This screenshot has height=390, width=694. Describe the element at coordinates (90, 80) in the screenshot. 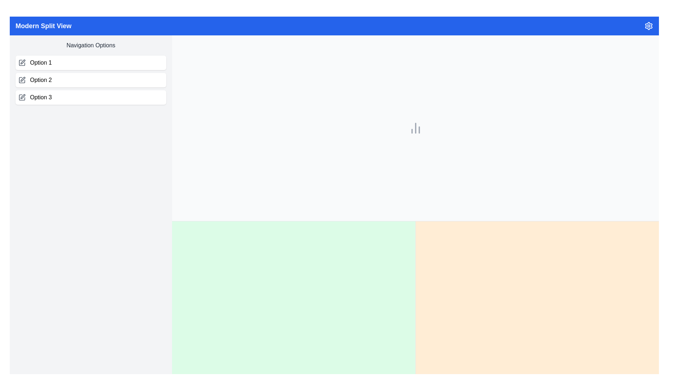

I see `the second button labeled 'Option 2' in the Button Group located in the left sidebar below 'Navigation Options'` at that location.